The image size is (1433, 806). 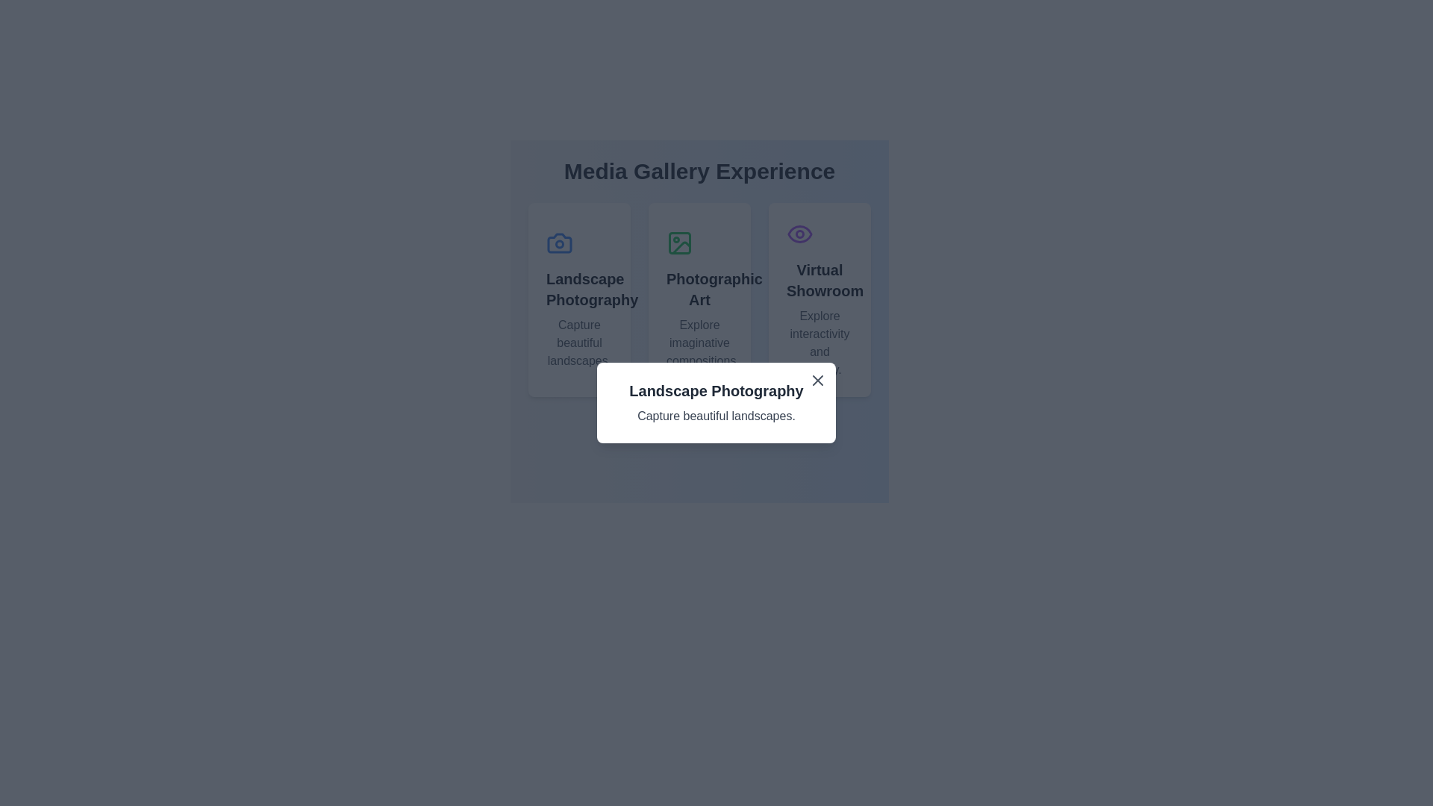 I want to click on the 'Landscape Photography' interactive card, which has a blue camera icon and a modern design, so click(x=578, y=299).